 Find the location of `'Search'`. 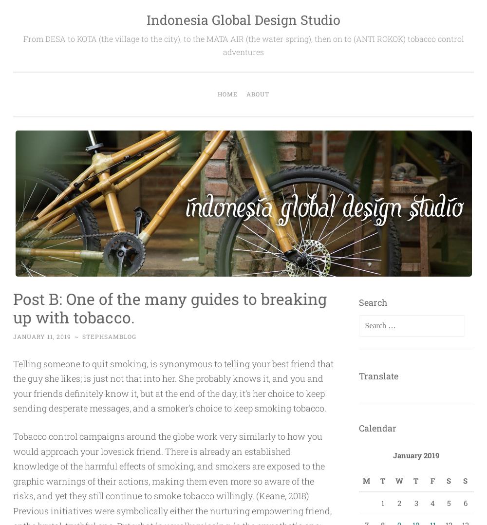

'Search' is located at coordinates (373, 301).